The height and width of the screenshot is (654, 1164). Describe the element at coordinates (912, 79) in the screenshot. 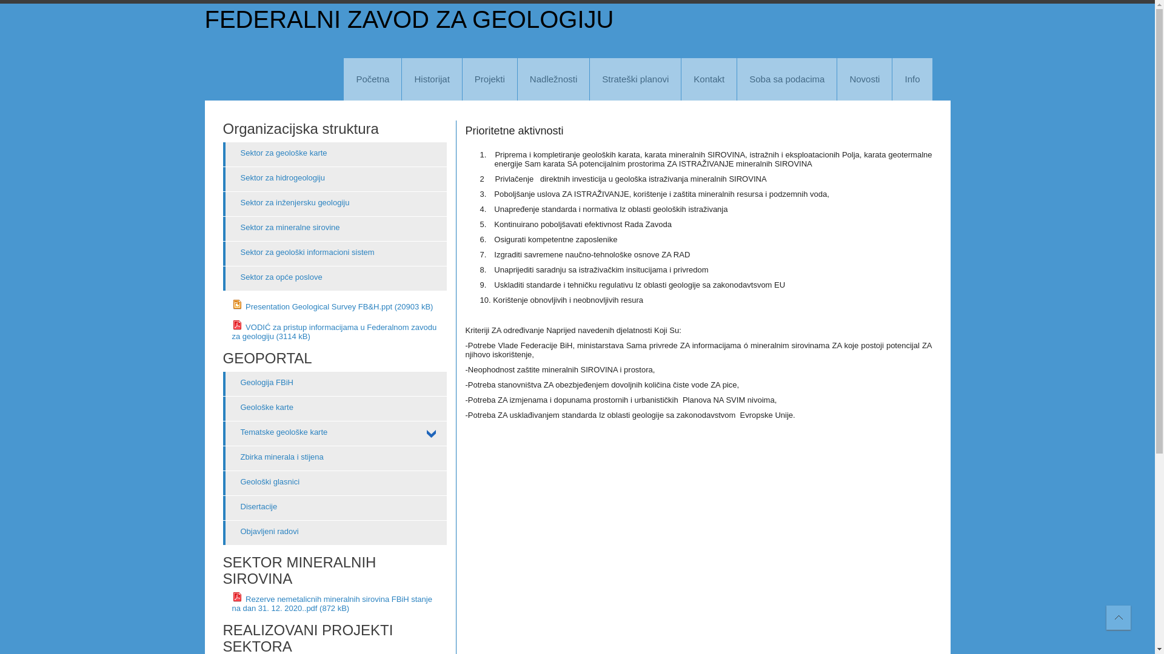

I see `'Info'` at that location.